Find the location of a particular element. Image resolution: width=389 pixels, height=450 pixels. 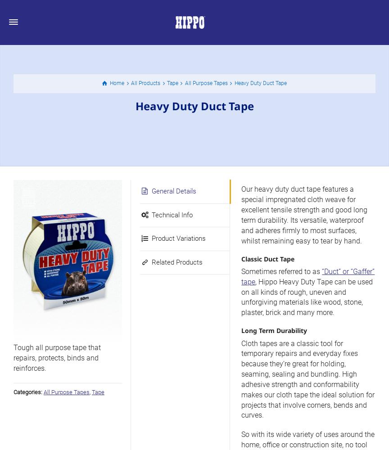

'“Duct” or “Gaffer” tape' is located at coordinates (308, 276).